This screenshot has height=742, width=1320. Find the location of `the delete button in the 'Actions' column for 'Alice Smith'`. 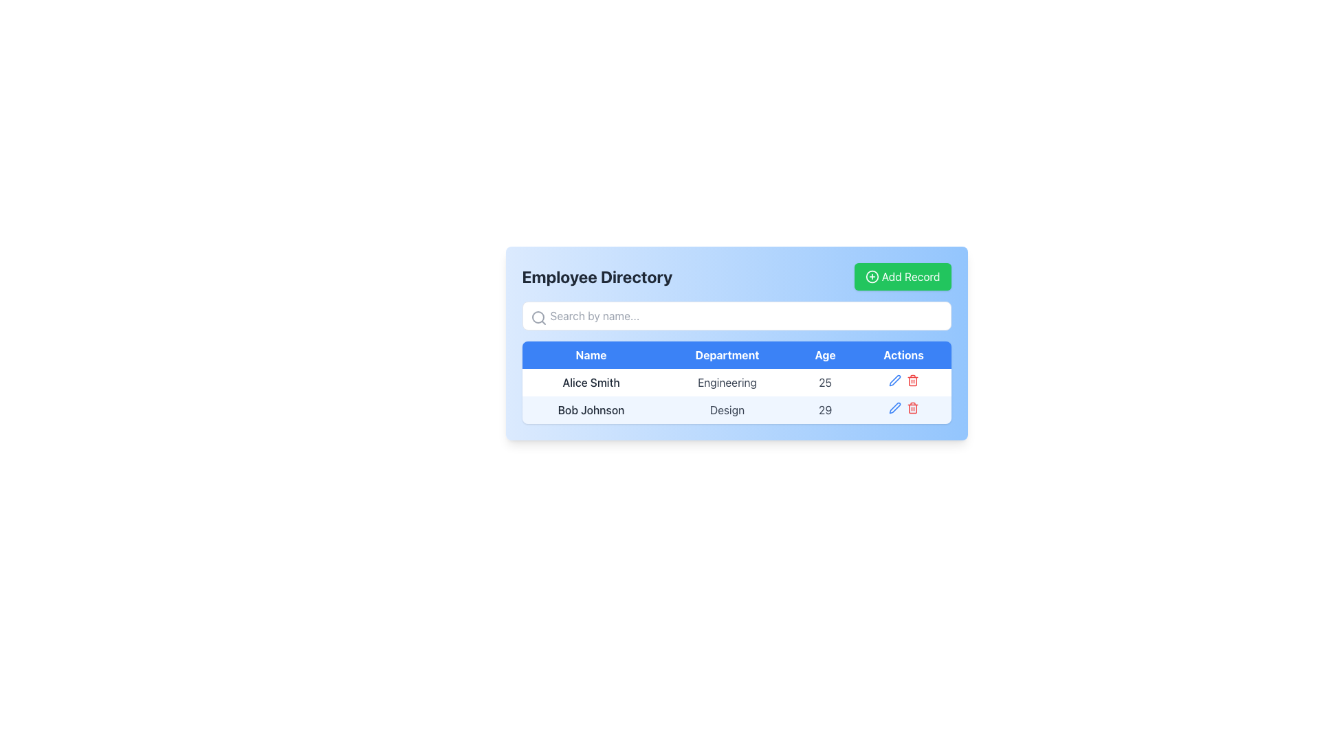

the delete button in the 'Actions' column for 'Alice Smith' is located at coordinates (903, 382).